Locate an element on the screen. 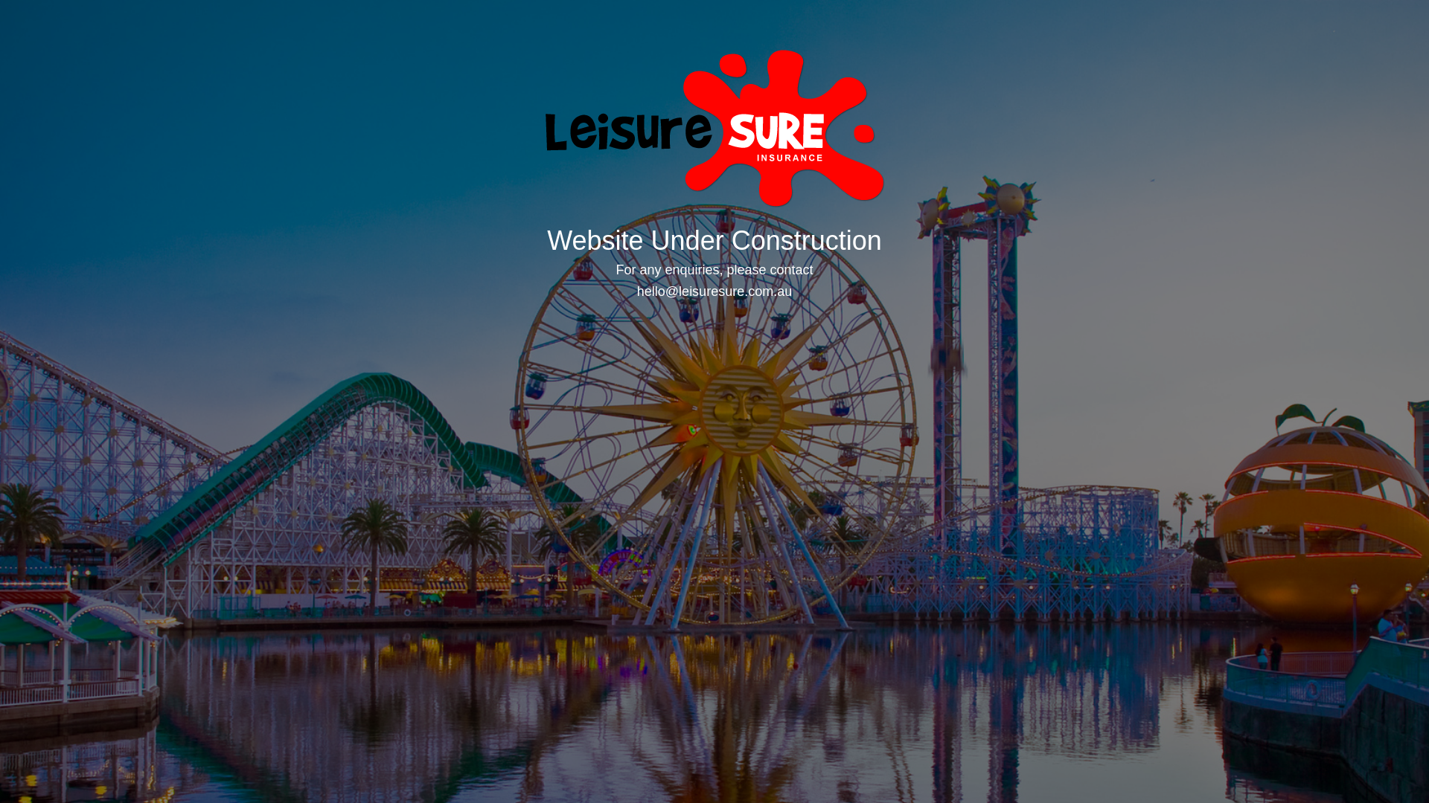 Image resolution: width=1429 pixels, height=803 pixels. 'hello@leisuresure.com.au' is located at coordinates (714, 291).